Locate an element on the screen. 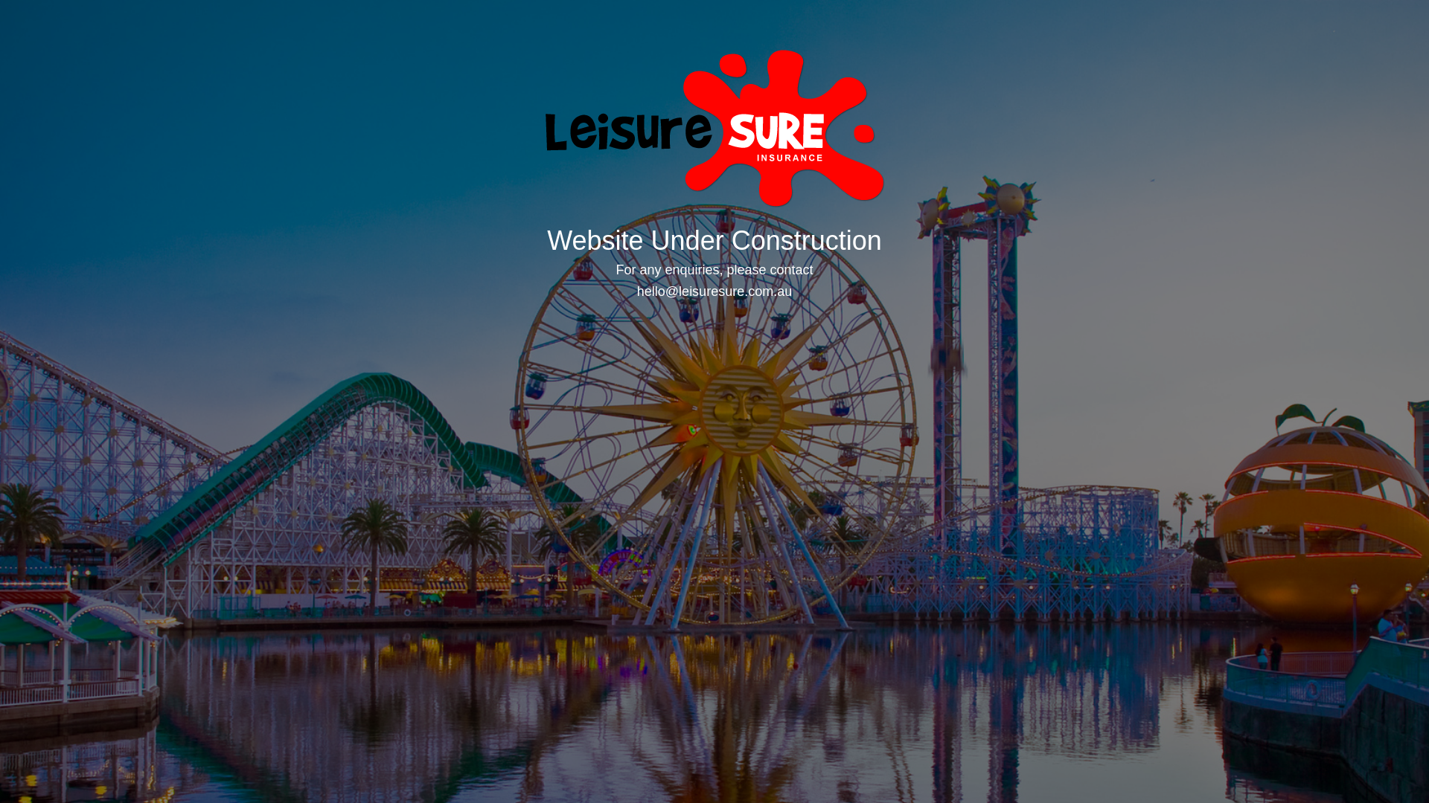 Image resolution: width=1429 pixels, height=803 pixels. 'hello@leisuresure.com.au' is located at coordinates (714, 291).